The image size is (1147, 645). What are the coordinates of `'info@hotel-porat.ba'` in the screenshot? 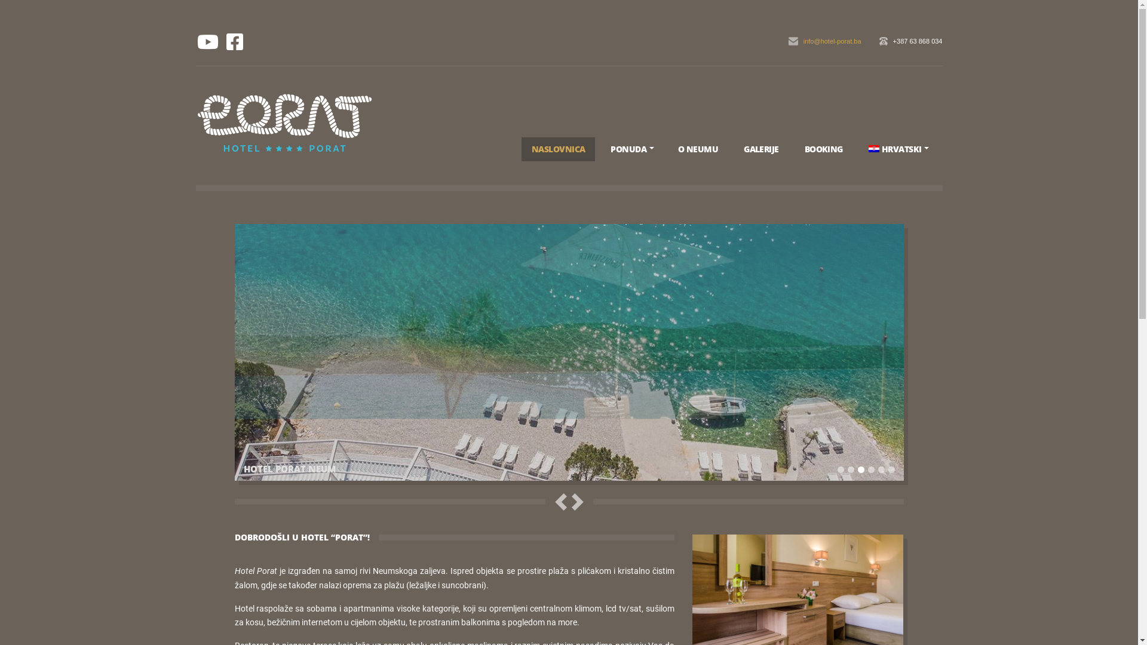 It's located at (789, 41).